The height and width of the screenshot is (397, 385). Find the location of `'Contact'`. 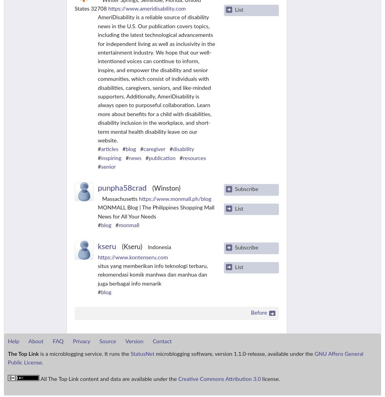

'Contact' is located at coordinates (162, 341).